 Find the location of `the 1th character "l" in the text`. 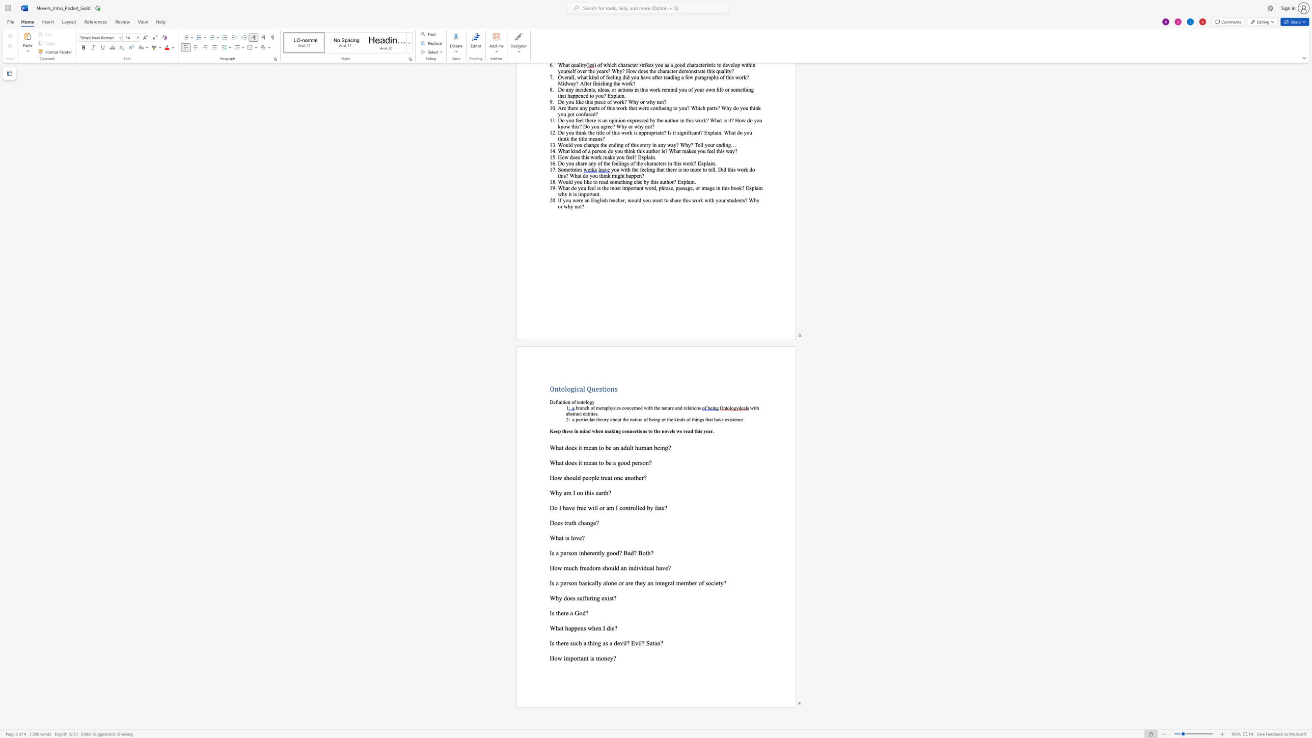

the 1th character "l" in the text is located at coordinates (595, 583).